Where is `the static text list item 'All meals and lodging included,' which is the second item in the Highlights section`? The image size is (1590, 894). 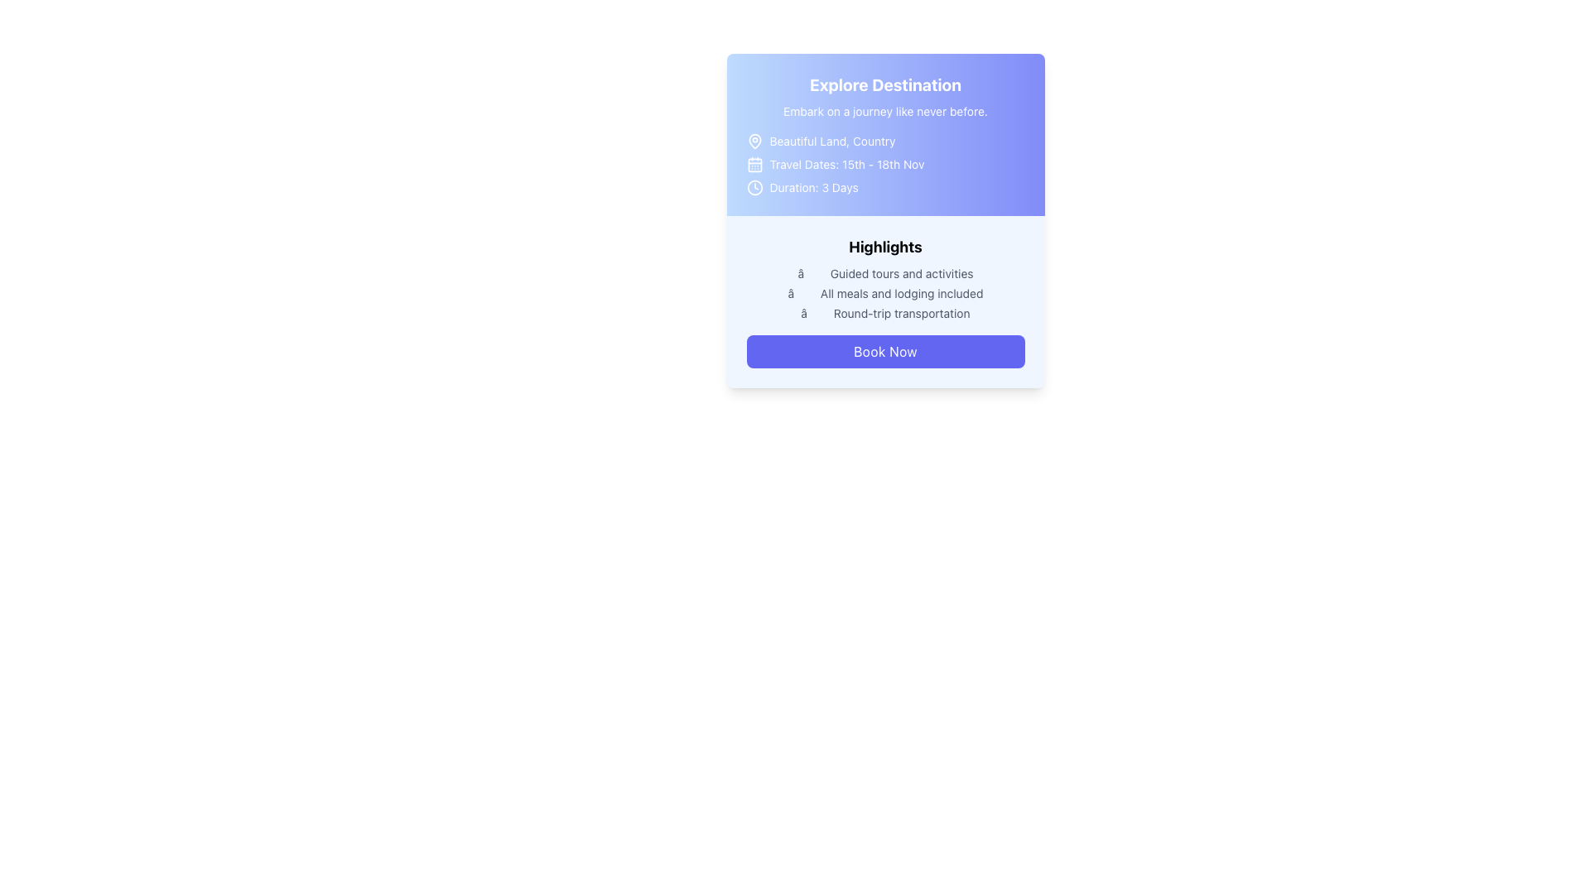
the static text list item 'All meals and lodging included,' which is the second item in the Highlights section is located at coordinates (884, 292).